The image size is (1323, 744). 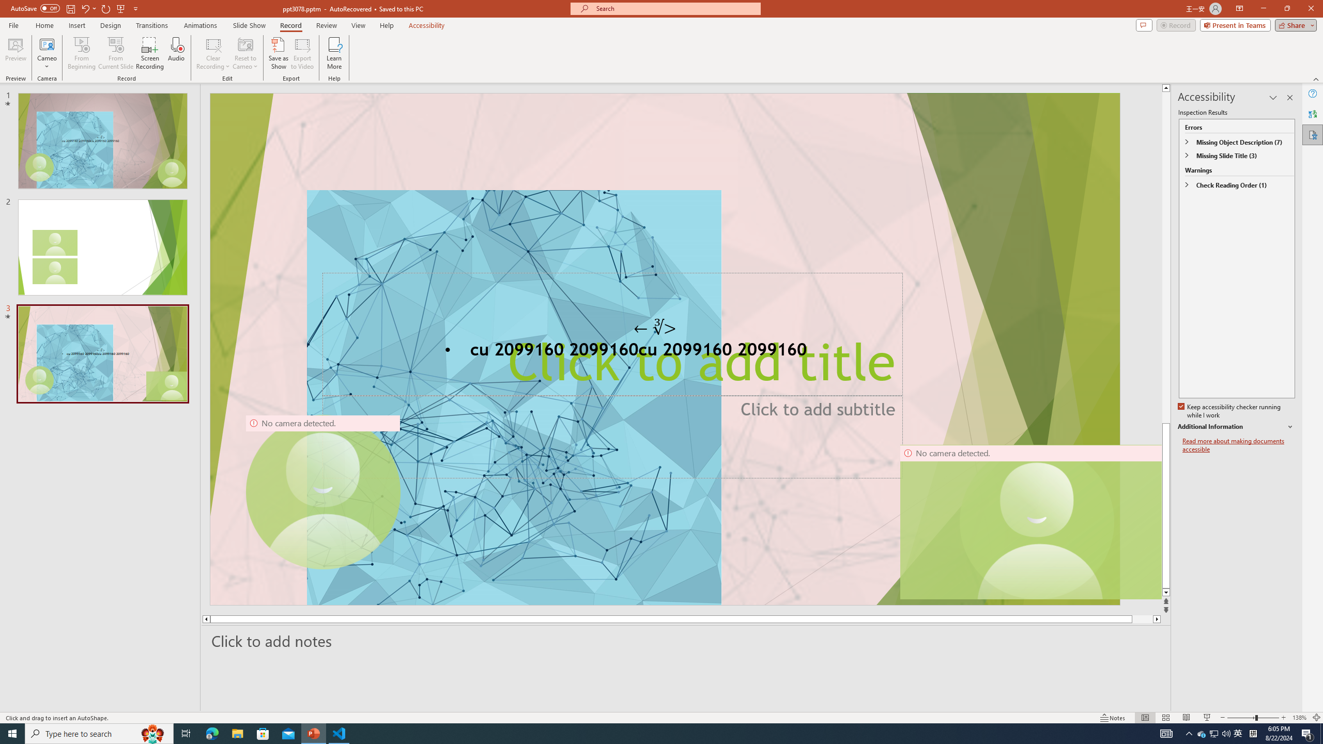 What do you see at coordinates (44, 25) in the screenshot?
I see `'Home'` at bounding box center [44, 25].